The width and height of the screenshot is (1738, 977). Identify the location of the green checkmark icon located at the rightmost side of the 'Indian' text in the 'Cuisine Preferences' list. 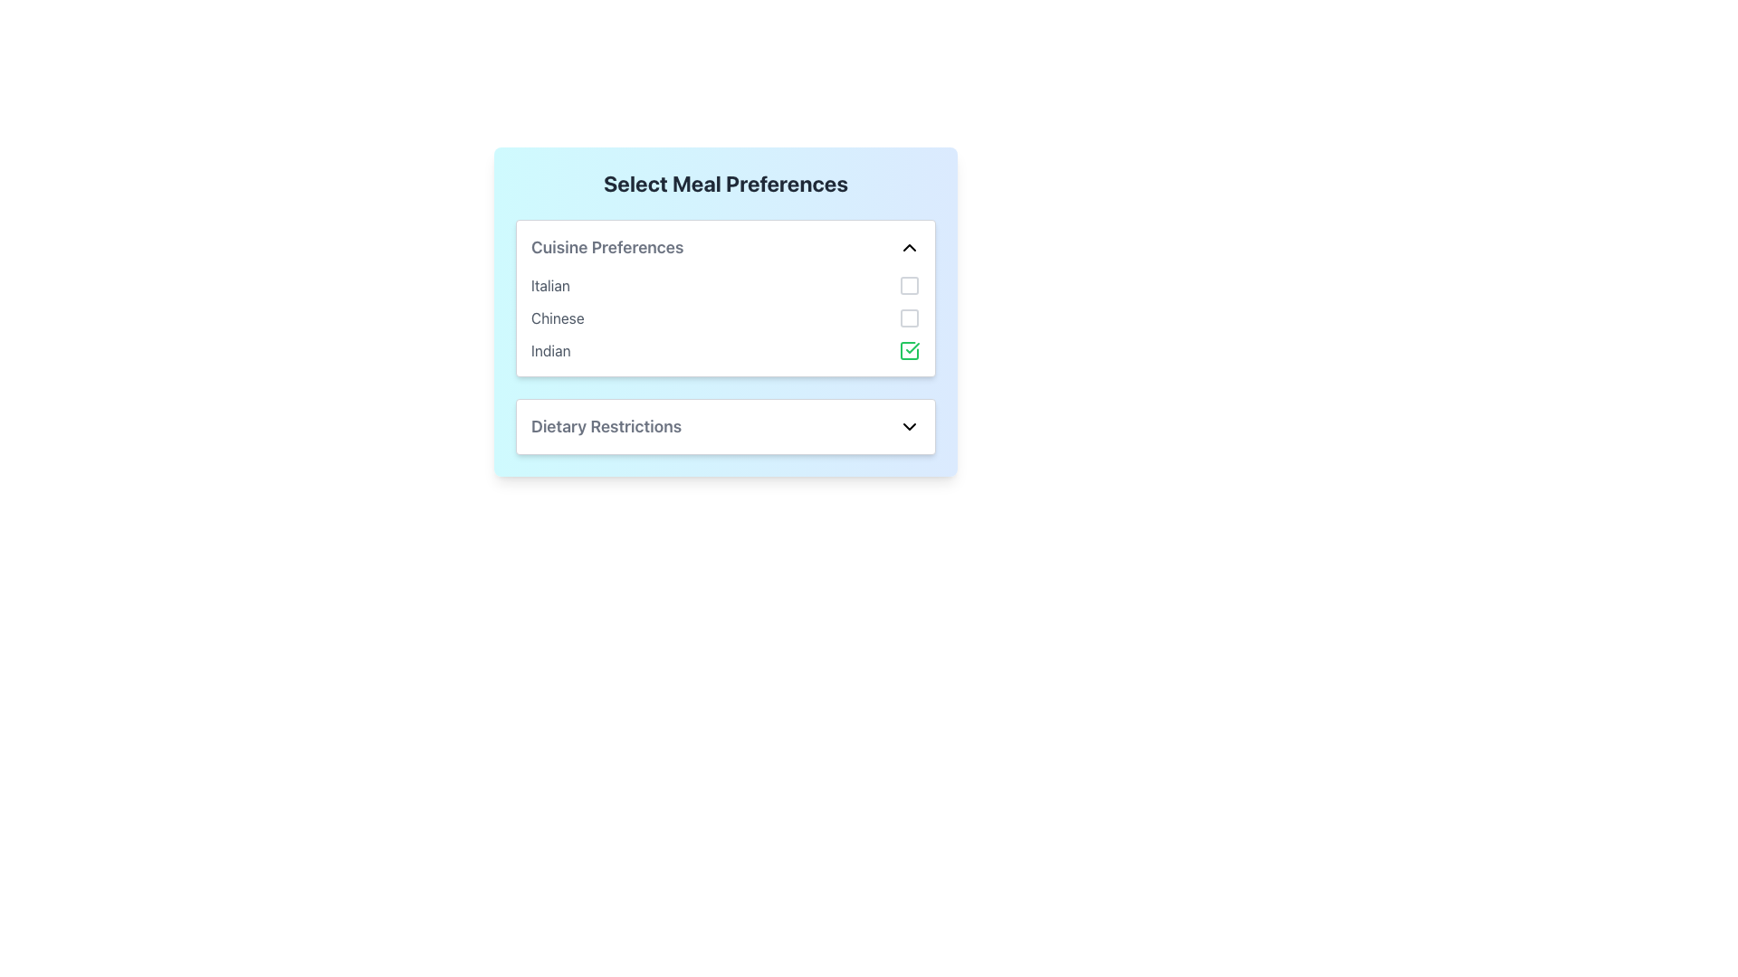
(912, 348).